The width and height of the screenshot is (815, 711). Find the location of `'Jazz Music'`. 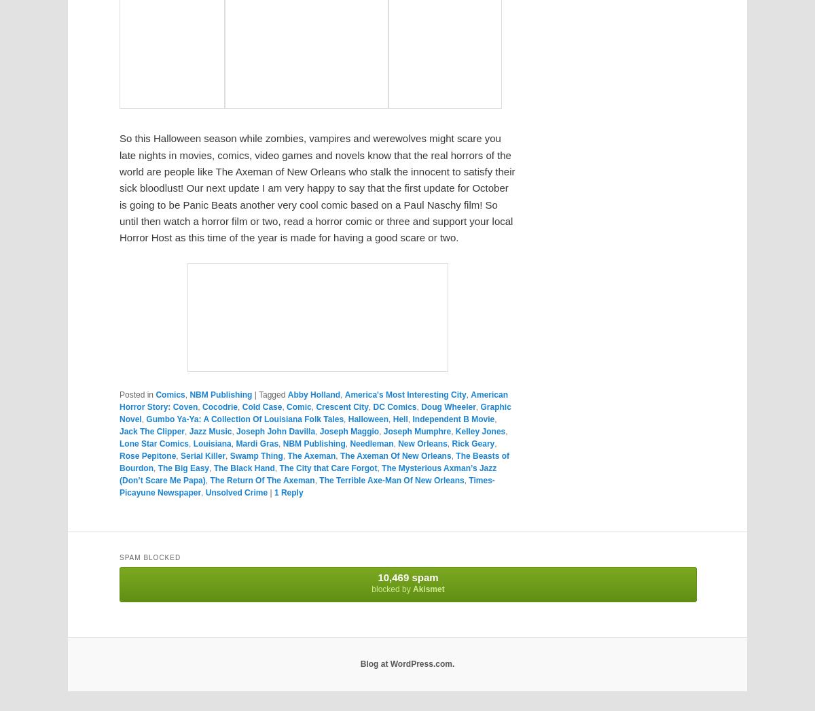

'Jazz Music' is located at coordinates (188, 430).